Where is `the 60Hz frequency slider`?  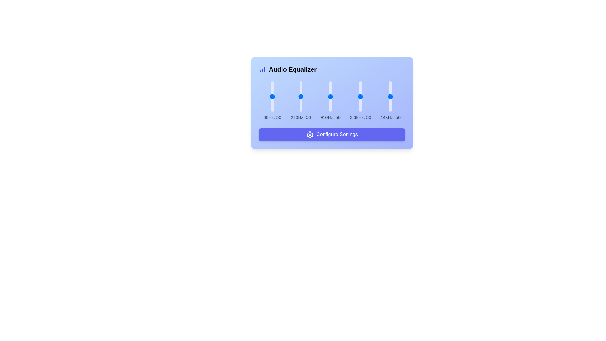 the 60Hz frequency slider is located at coordinates (272, 95).